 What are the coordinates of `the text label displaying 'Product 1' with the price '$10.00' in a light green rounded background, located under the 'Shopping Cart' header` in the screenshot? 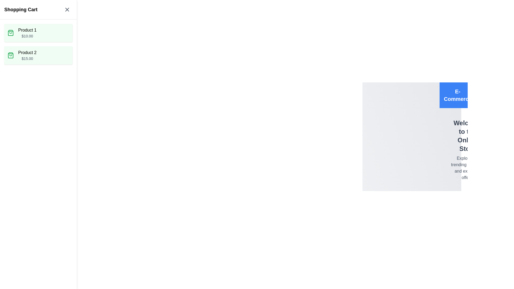 It's located at (27, 33).